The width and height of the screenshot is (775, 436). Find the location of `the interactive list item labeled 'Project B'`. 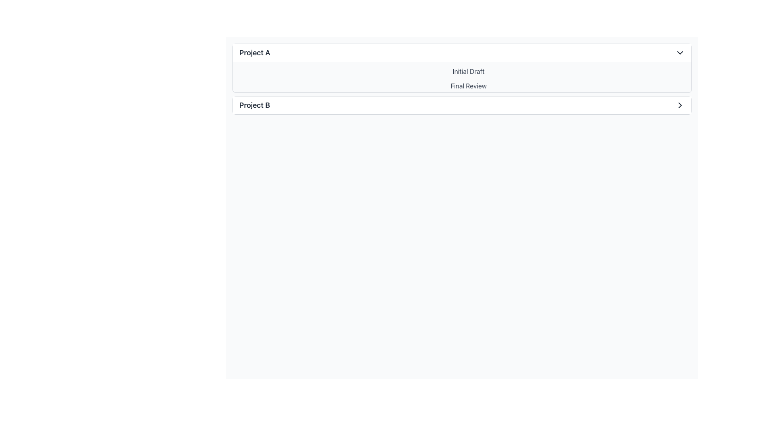

the interactive list item labeled 'Project B' is located at coordinates (462, 105).